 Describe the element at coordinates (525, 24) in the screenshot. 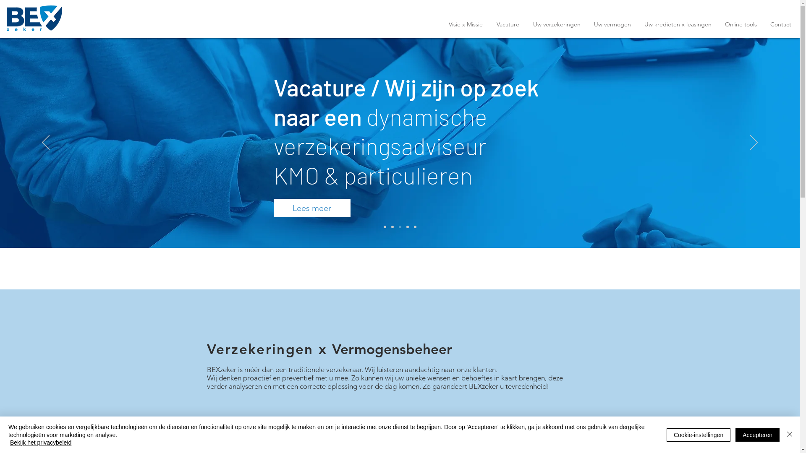

I see `'Uw verzekeringen'` at that location.